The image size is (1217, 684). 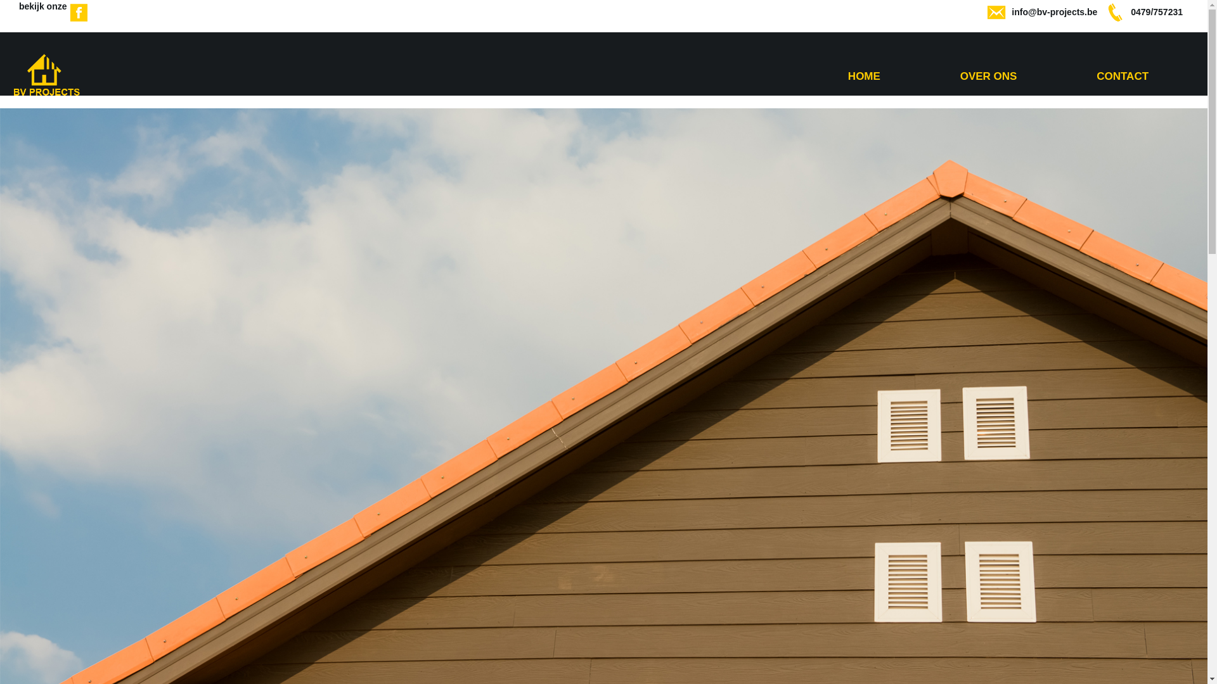 What do you see at coordinates (988, 76) in the screenshot?
I see `'OVER ONS'` at bounding box center [988, 76].